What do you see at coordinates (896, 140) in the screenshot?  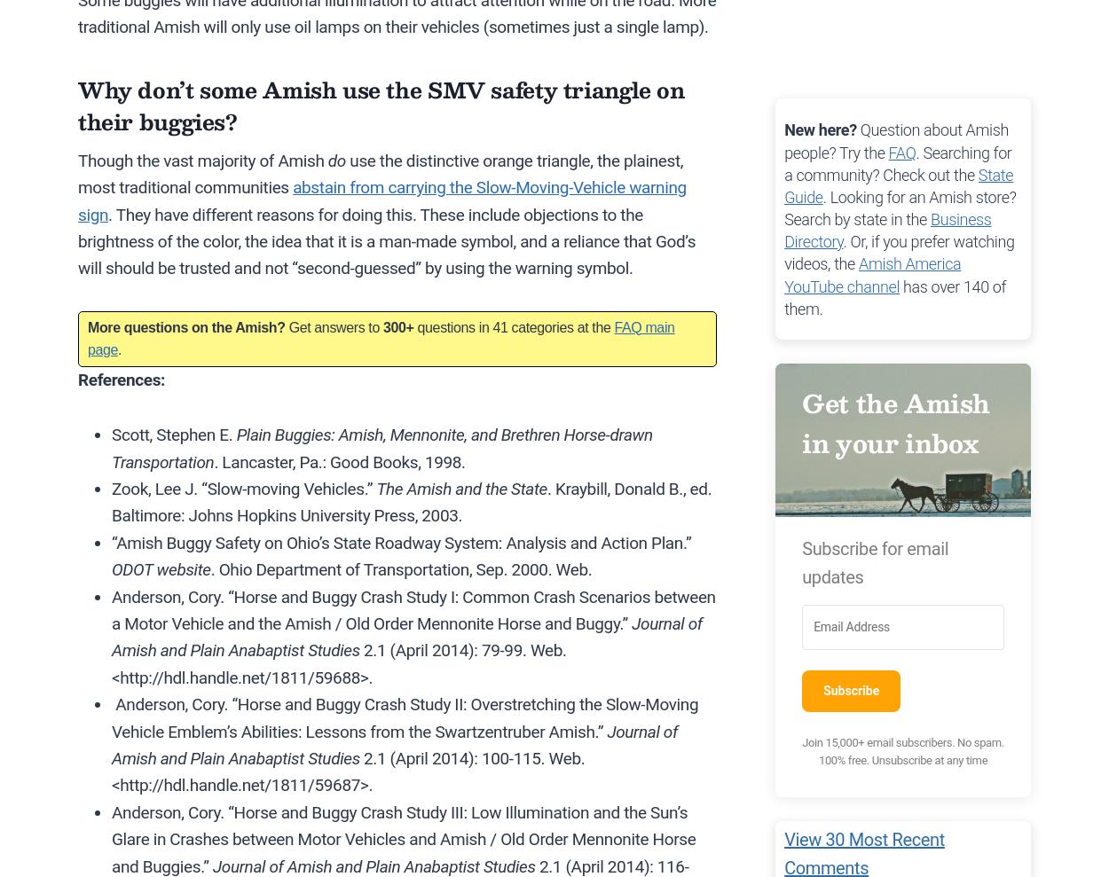 I see `'Question about Amish people? Try the'` at bounding box center [896, 140].